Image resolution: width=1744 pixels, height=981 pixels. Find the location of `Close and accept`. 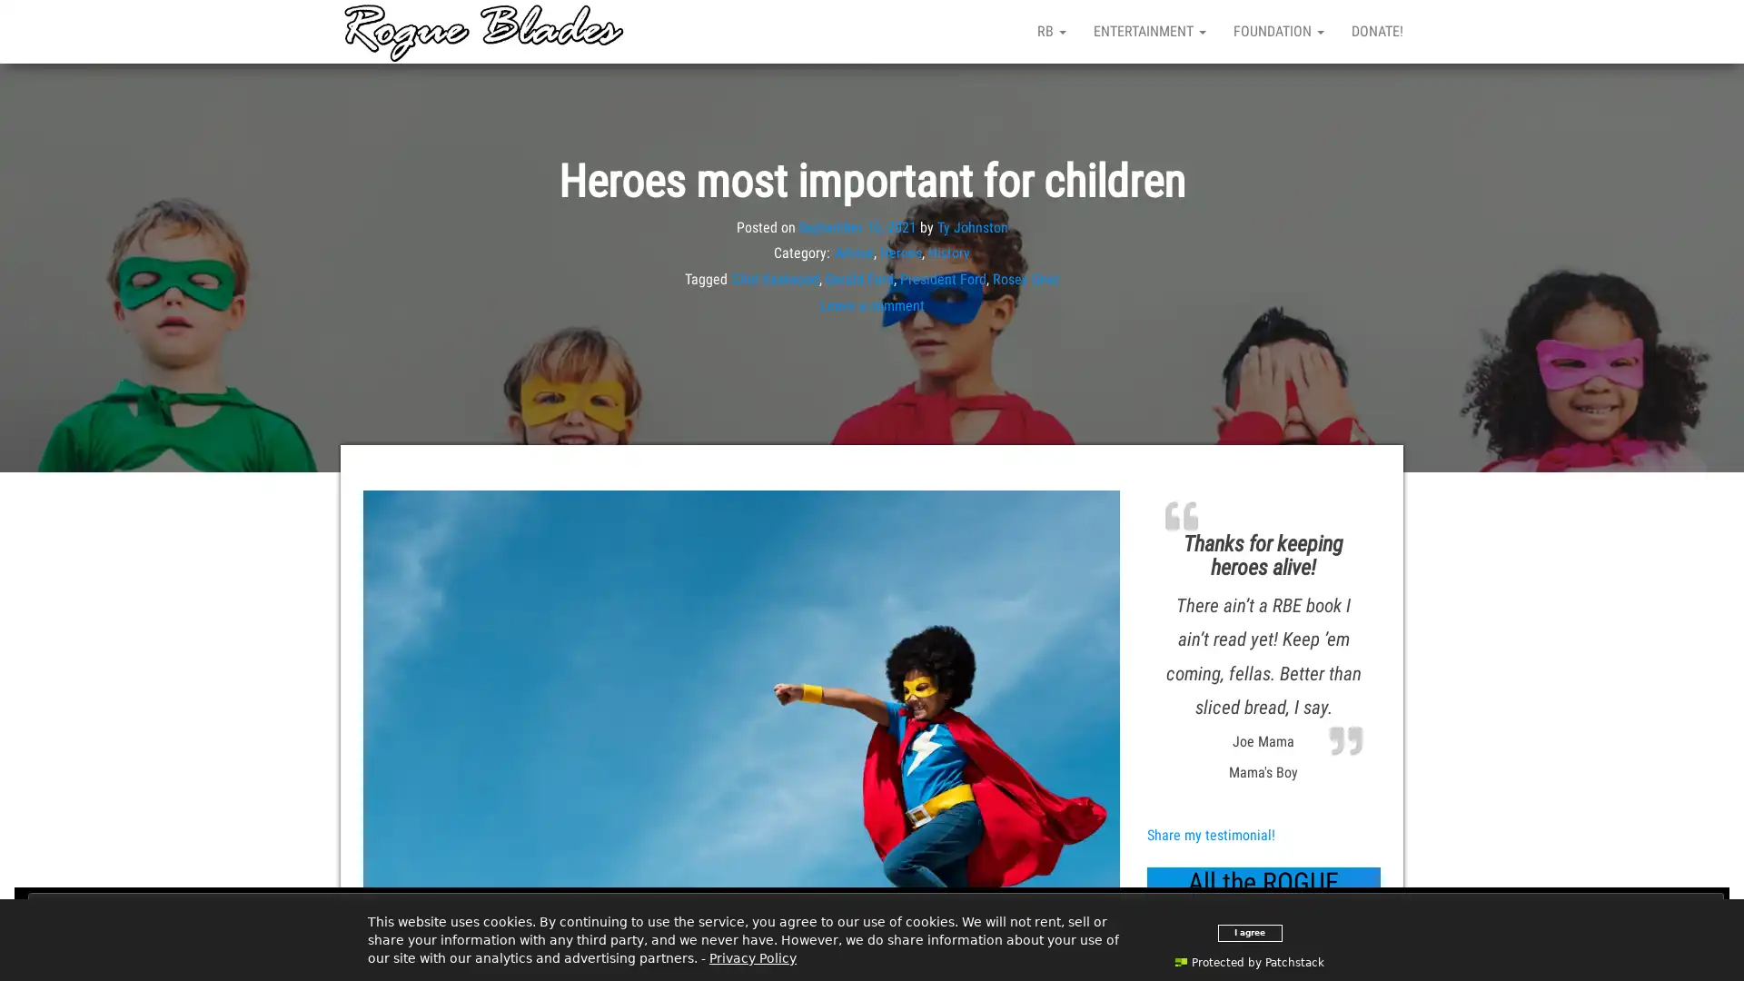

Close and accept is located at coordinates (876, 910).